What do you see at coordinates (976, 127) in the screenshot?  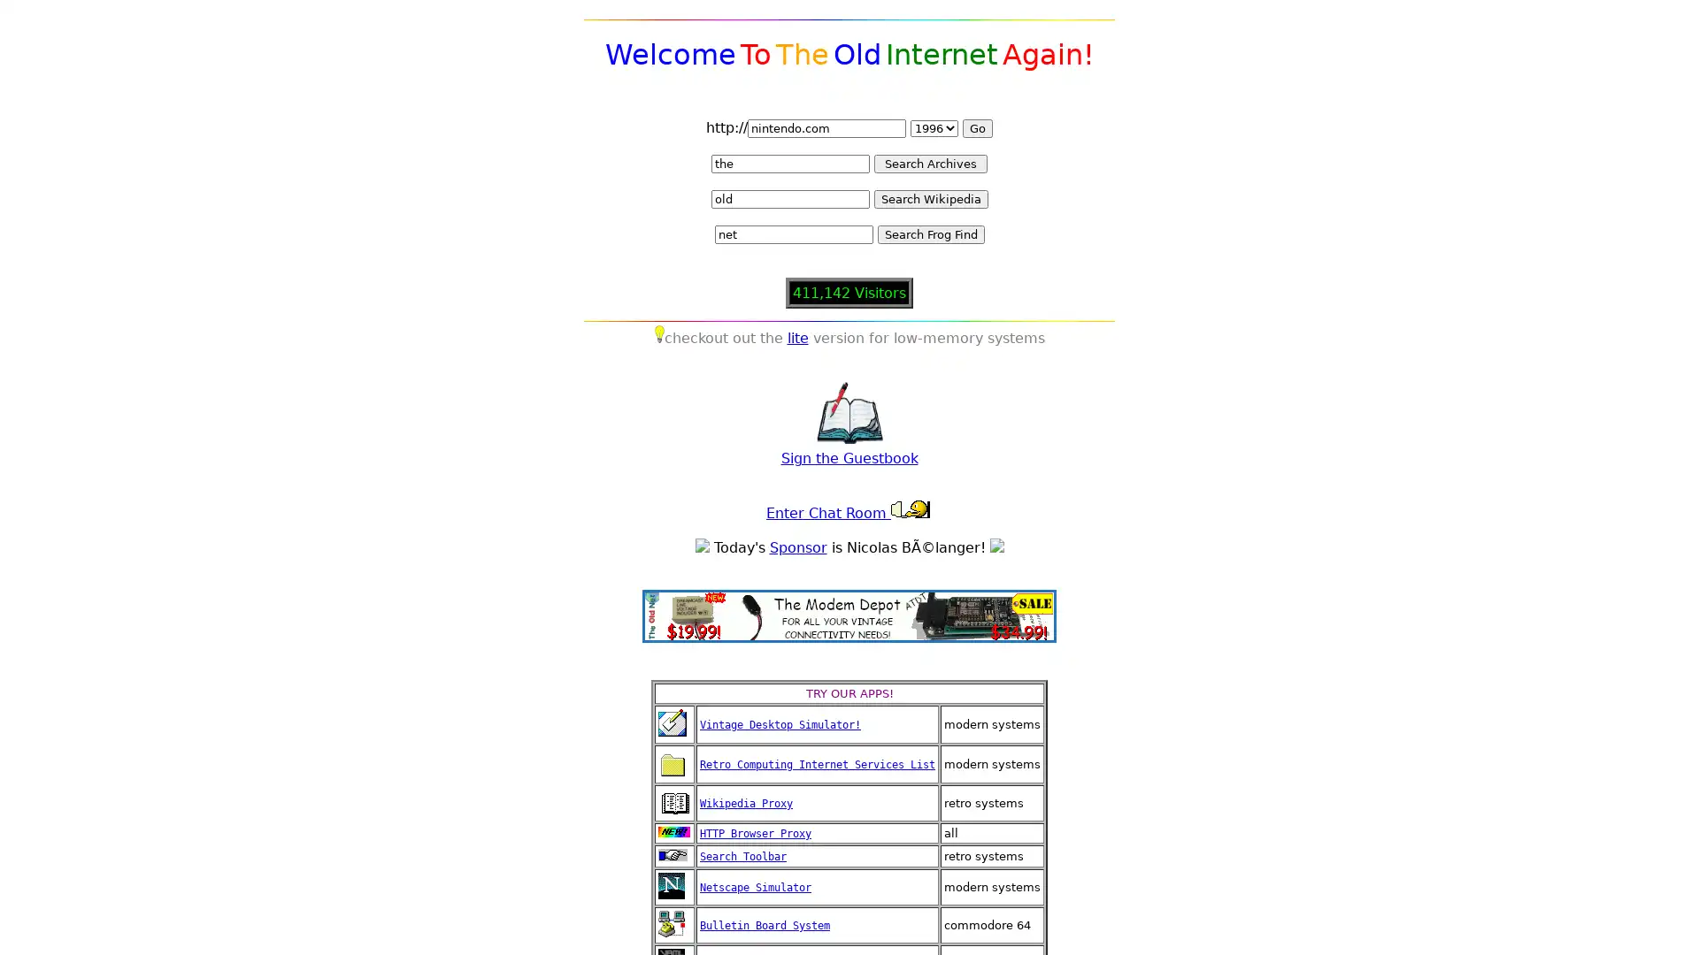 I see `Go` at bounding box center [976, 127].